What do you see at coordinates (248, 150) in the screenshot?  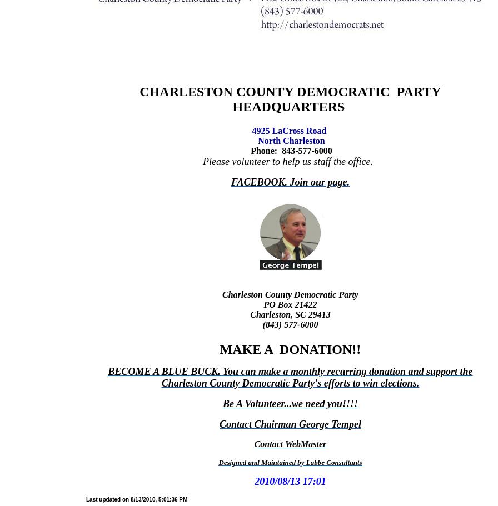 I see `'Phone:  843-577-6000'` at bounding box center [248, 150].